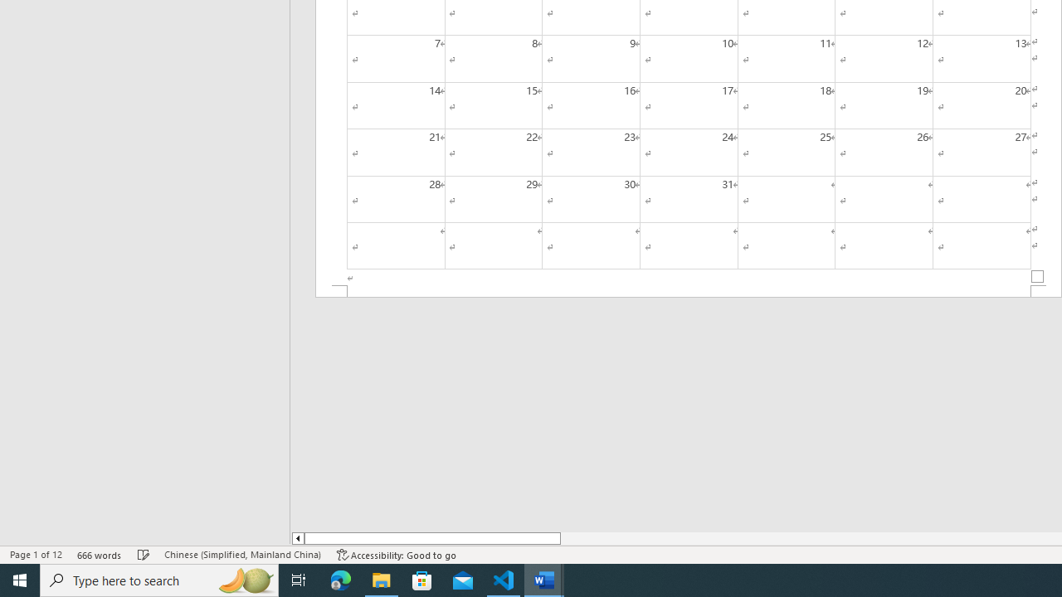 Image resolution: width=1062 pixels, height=597 pixels. Describe the element at coordinates (396, 555) in the screenshot. I see `'Accessibility Checker Accessibility: Good to go'` at that location.